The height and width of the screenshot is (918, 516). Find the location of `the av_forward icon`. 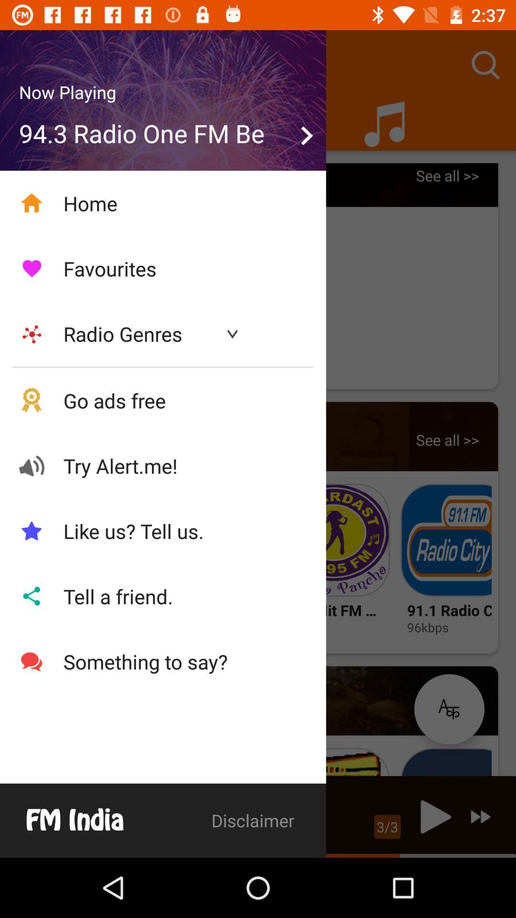

the av_forward icon is located at coordinates (481, 816).